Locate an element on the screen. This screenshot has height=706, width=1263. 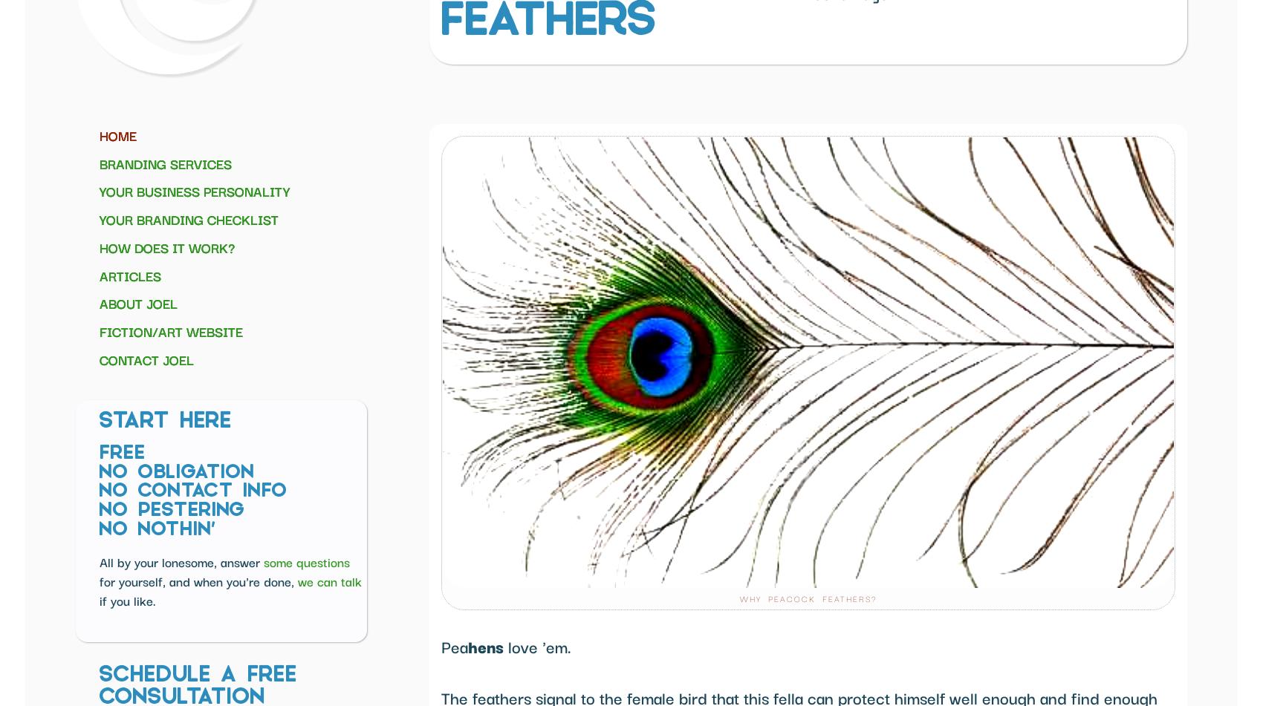
'we can talk' is located at coordinates (330, 580).